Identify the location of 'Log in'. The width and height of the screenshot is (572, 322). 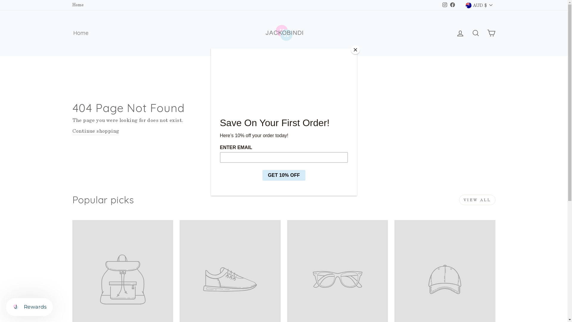
(452, 33).